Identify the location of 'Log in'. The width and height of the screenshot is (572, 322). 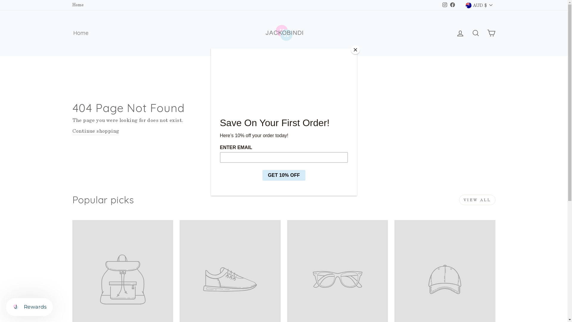
(452, 33).